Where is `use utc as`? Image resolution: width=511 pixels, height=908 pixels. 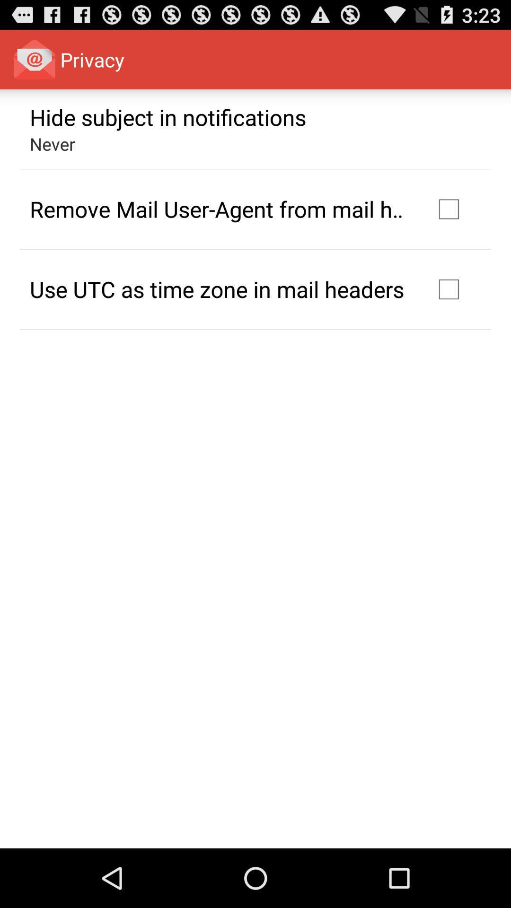 use utc as is located at coordinates (217, 288).